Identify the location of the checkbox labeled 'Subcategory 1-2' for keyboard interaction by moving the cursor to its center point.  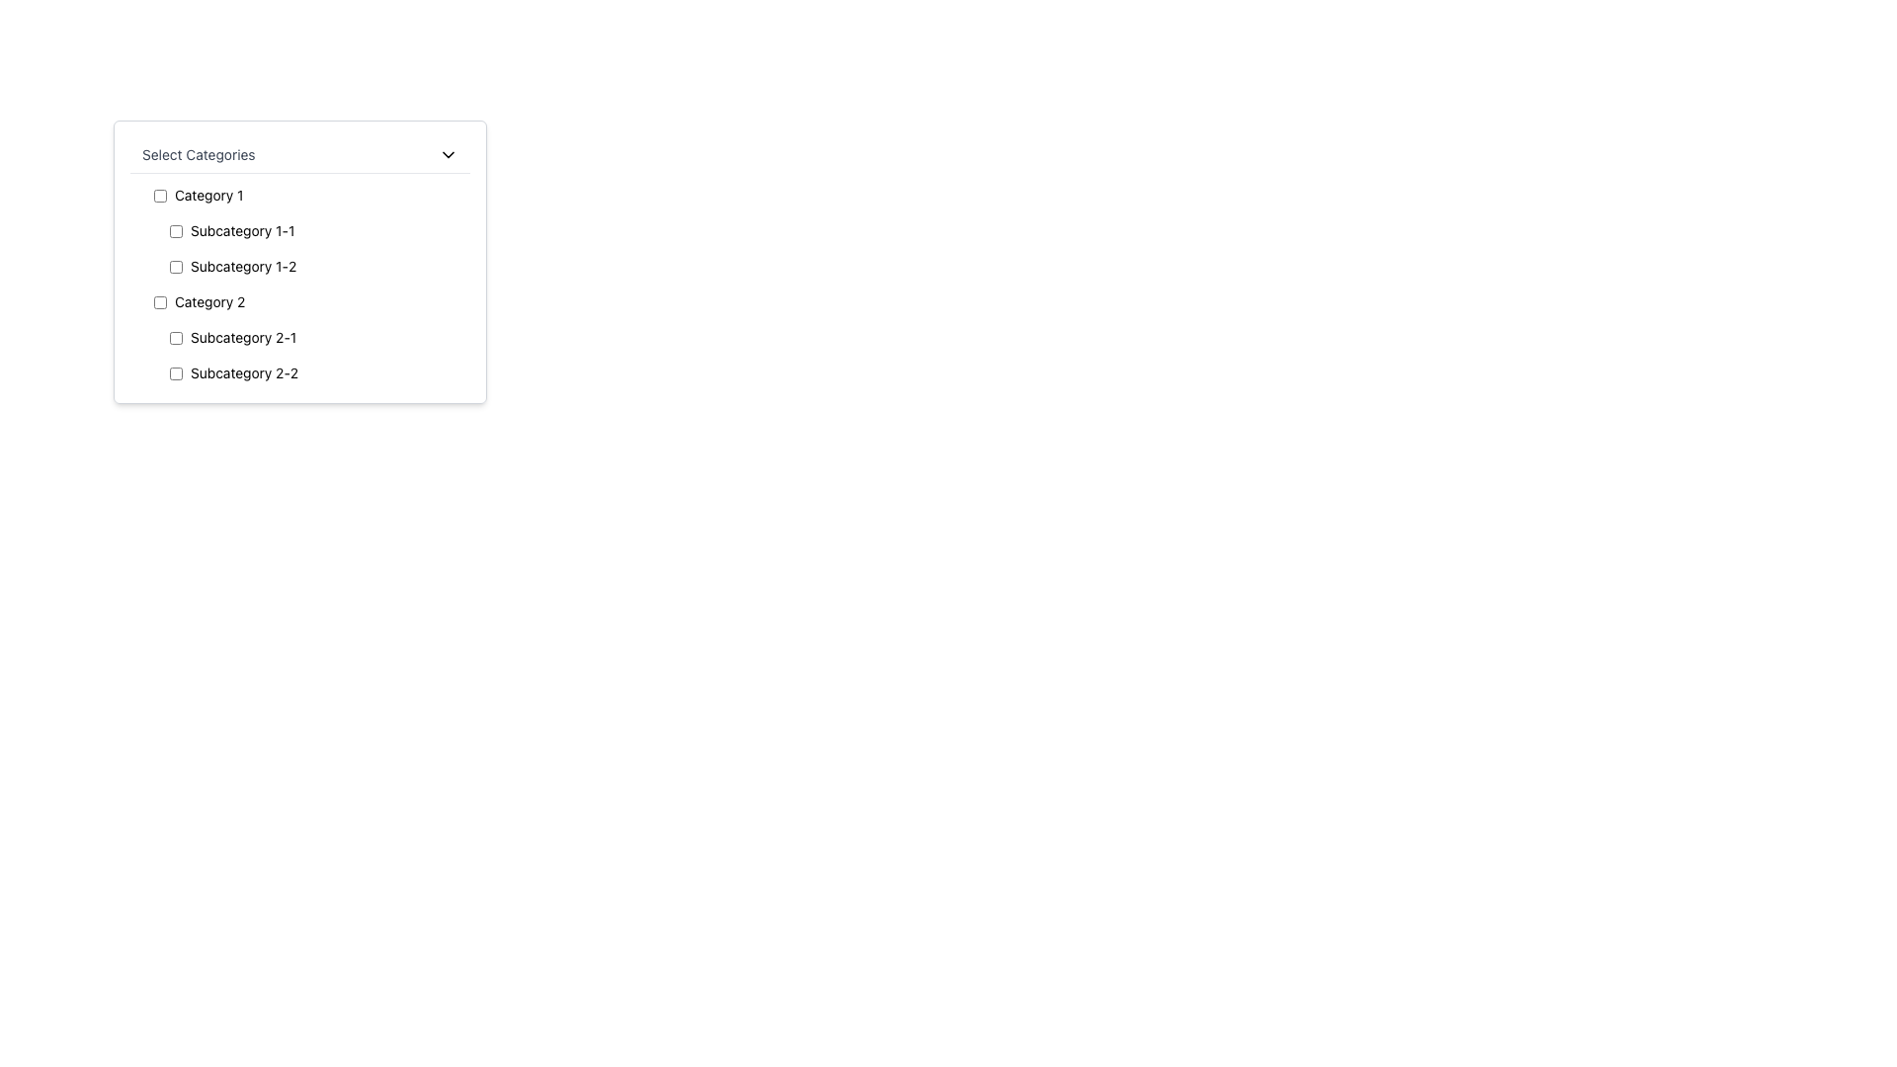
(316, 267).